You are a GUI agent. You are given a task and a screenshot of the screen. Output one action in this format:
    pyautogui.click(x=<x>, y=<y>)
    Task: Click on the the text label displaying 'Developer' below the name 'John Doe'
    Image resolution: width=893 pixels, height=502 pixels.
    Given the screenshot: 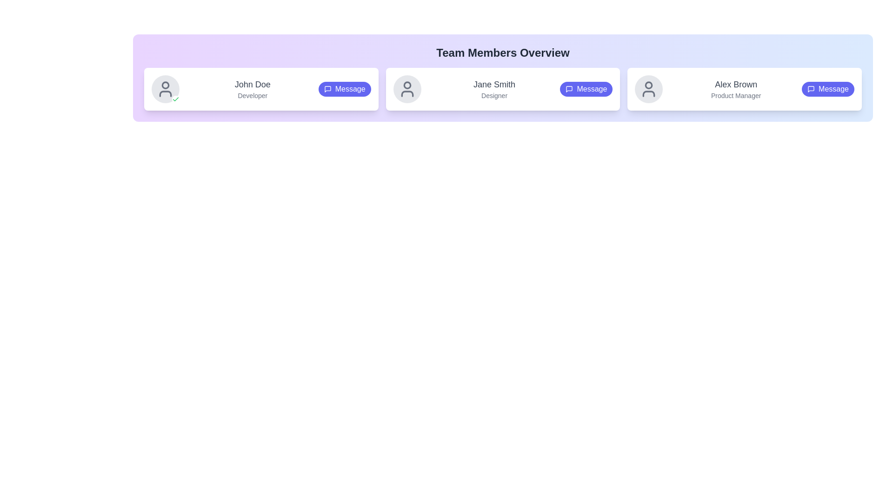 What is the action you would take?
    pyautogui.click(x=253, y=95)
    